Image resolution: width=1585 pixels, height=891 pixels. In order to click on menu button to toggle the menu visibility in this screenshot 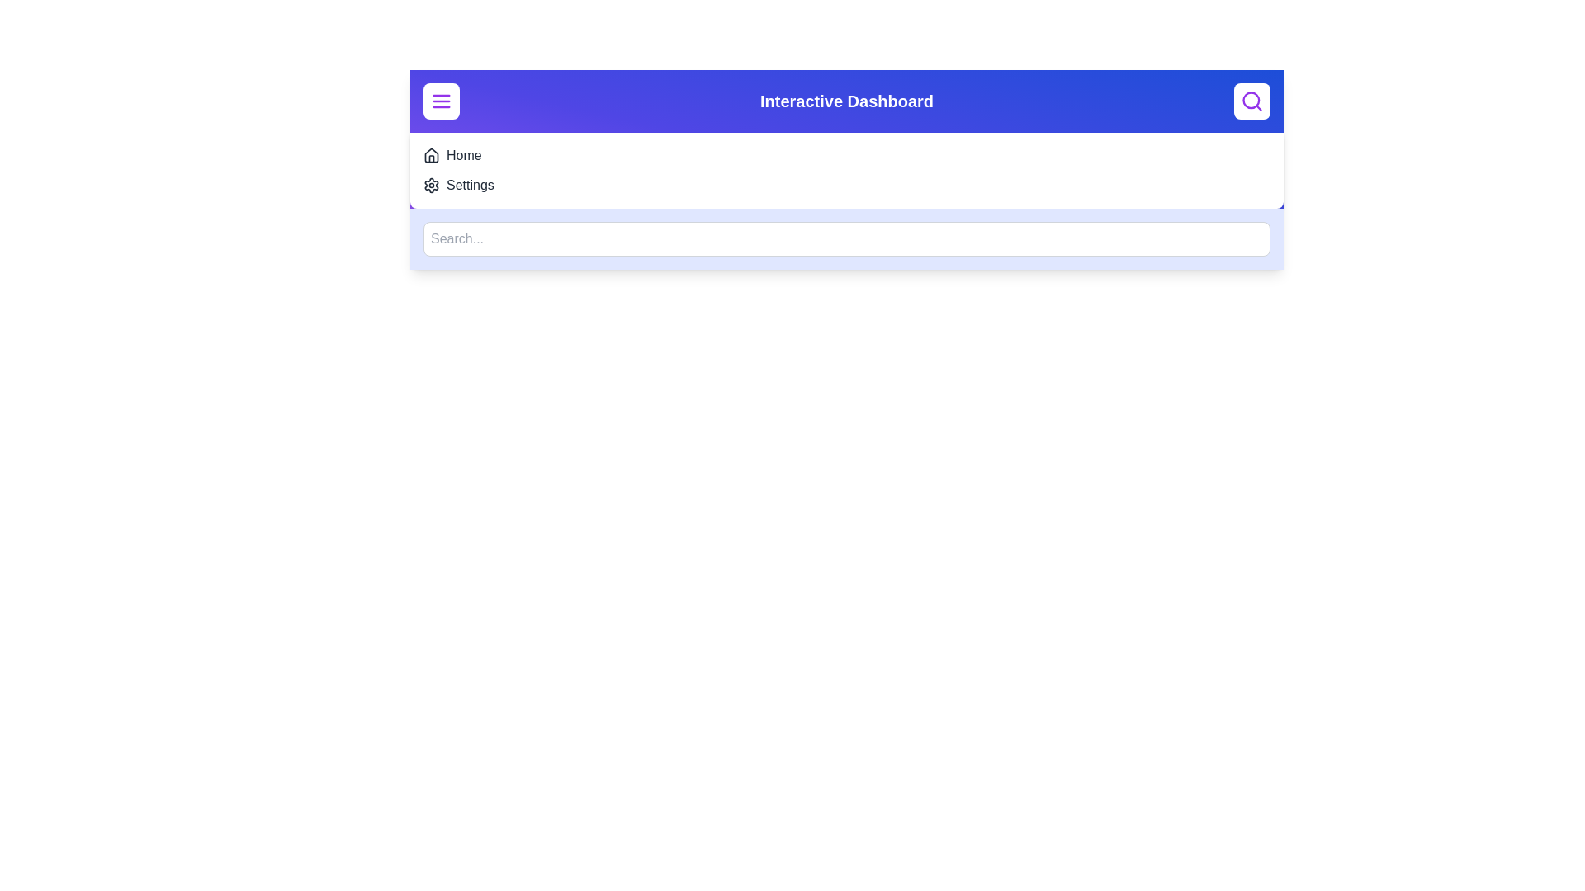, I will do `click(441, 101)`.